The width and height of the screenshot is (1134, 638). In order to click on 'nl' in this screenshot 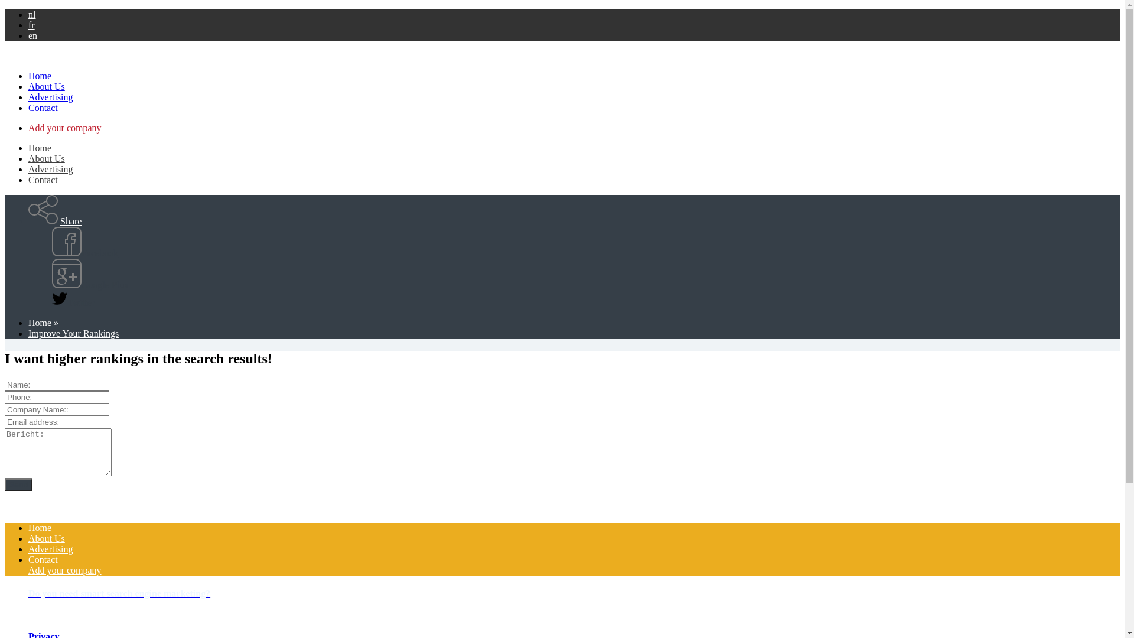, I will do `click(31, 14)`.